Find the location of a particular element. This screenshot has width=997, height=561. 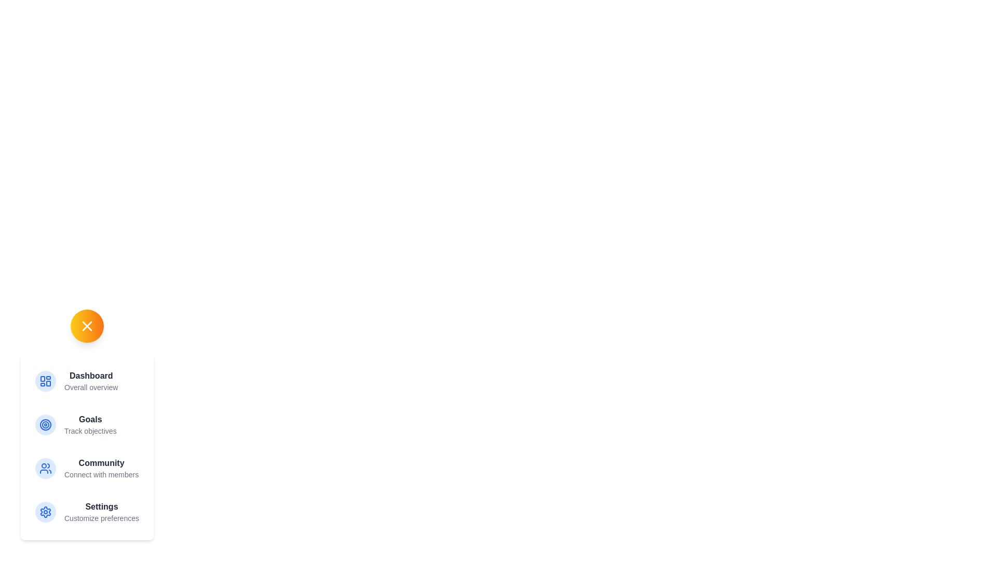

the menu option Community is located at coordinates (87, 469).